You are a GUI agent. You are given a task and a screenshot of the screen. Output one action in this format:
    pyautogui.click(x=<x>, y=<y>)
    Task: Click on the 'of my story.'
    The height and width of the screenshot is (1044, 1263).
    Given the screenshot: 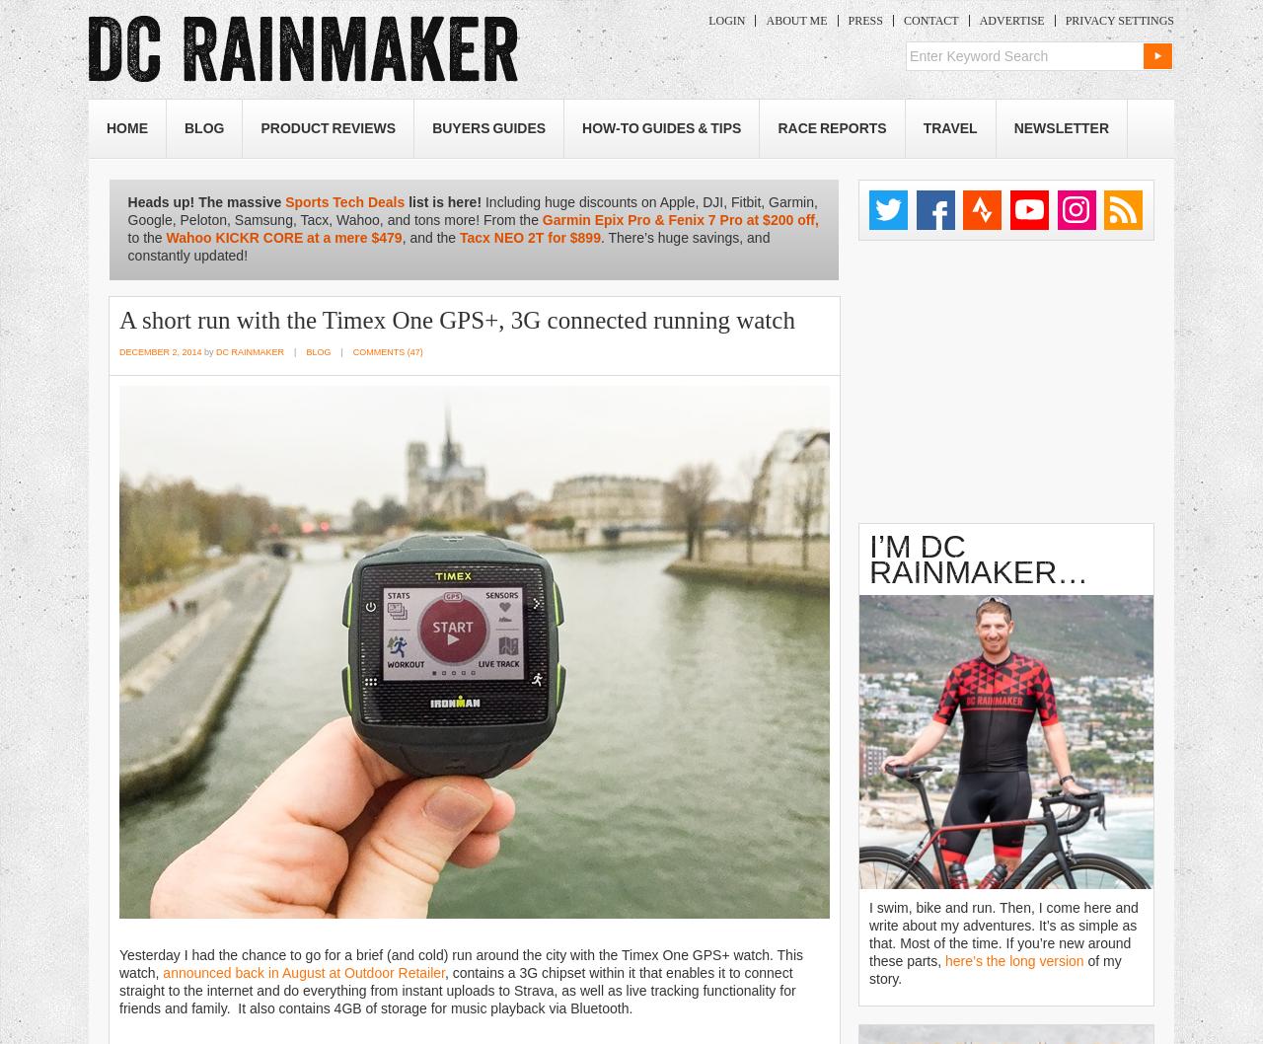 What is the action you would take?
    pyautogui.click(x=995, y=968)
    